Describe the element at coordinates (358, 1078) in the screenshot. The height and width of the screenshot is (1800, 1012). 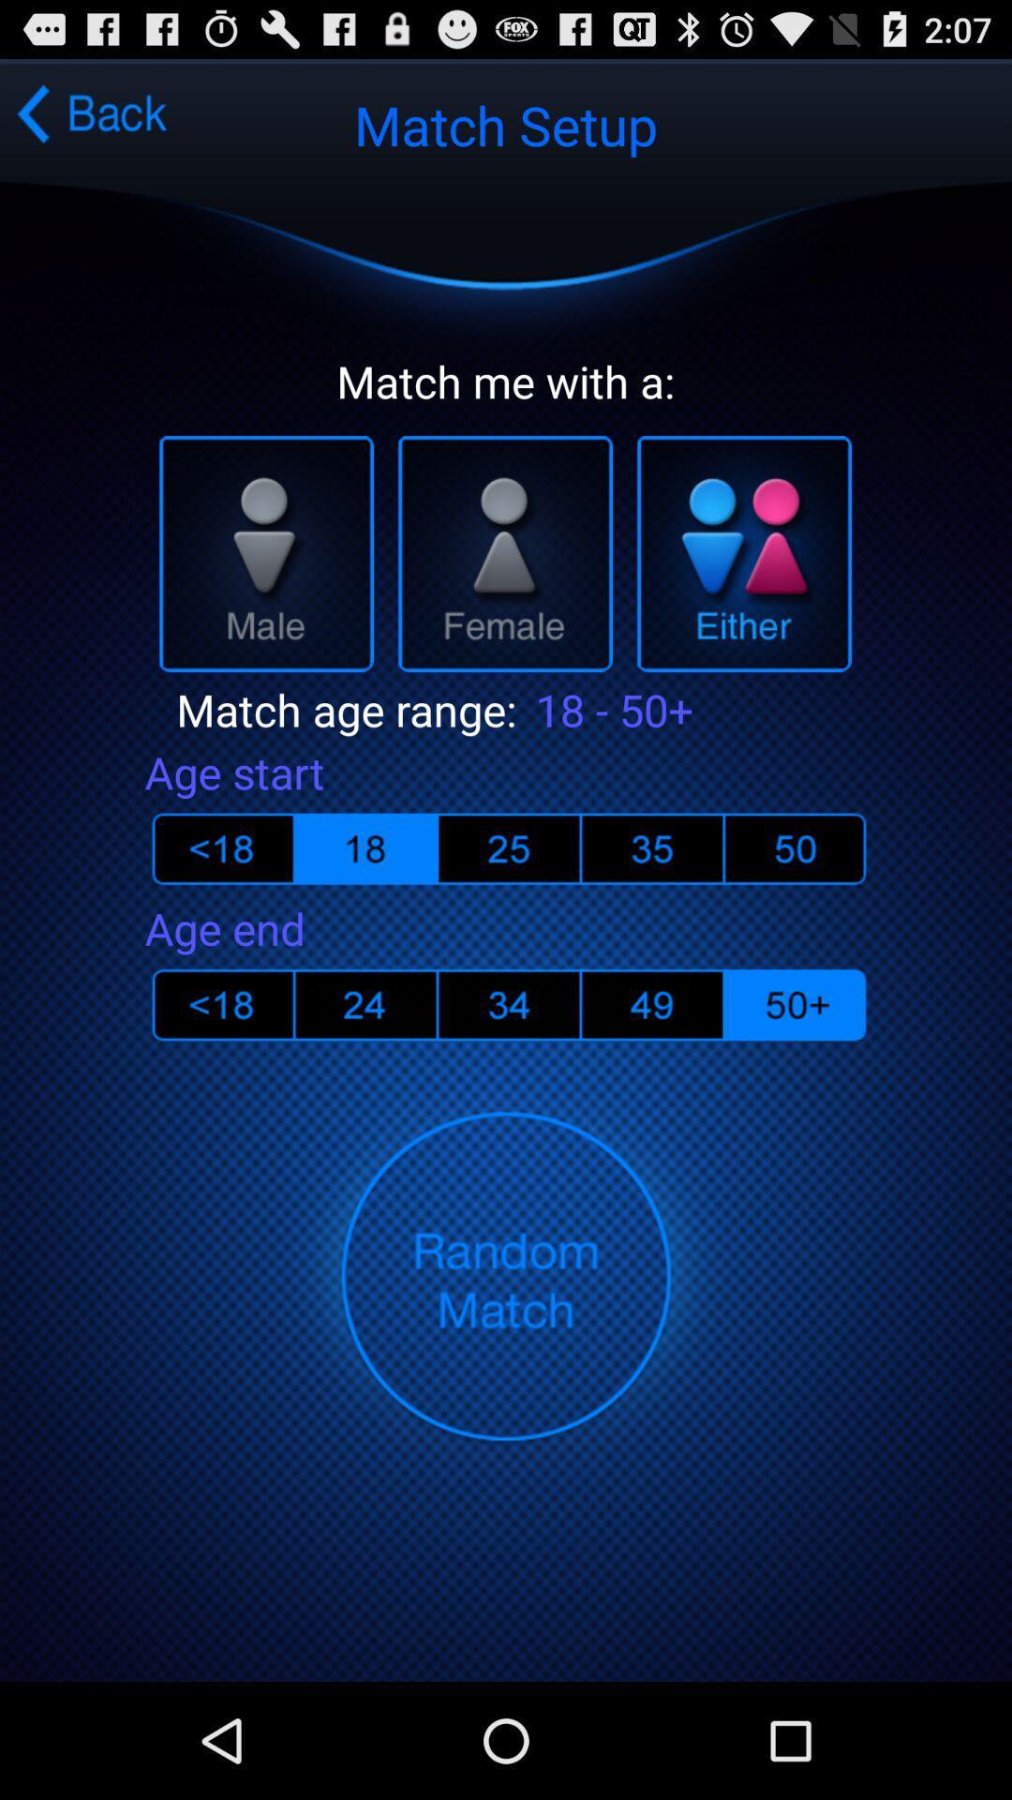
I see `the label icon` at that location.